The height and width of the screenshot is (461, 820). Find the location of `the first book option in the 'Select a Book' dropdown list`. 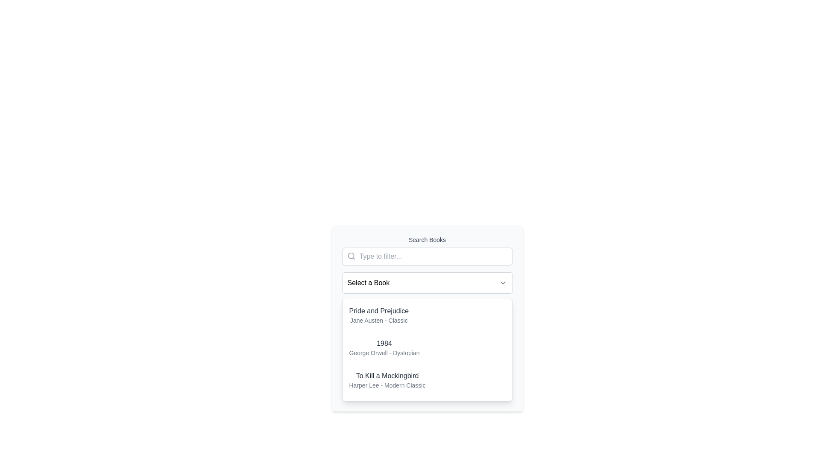

the first book option in the 'Select a Book' dropdown list is located at coordinates (427, 315).